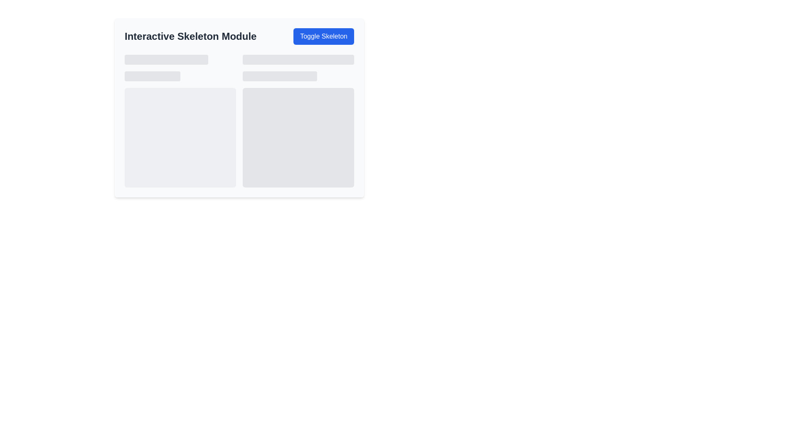 The image size is (798, 448). What do you see at coordinates (298, 137) in the screenshot?
I see `the gray placeholder box with rounded corners, which is the third and largest box in a vertically stacked group of three elements` at bounding box center [298, 137].